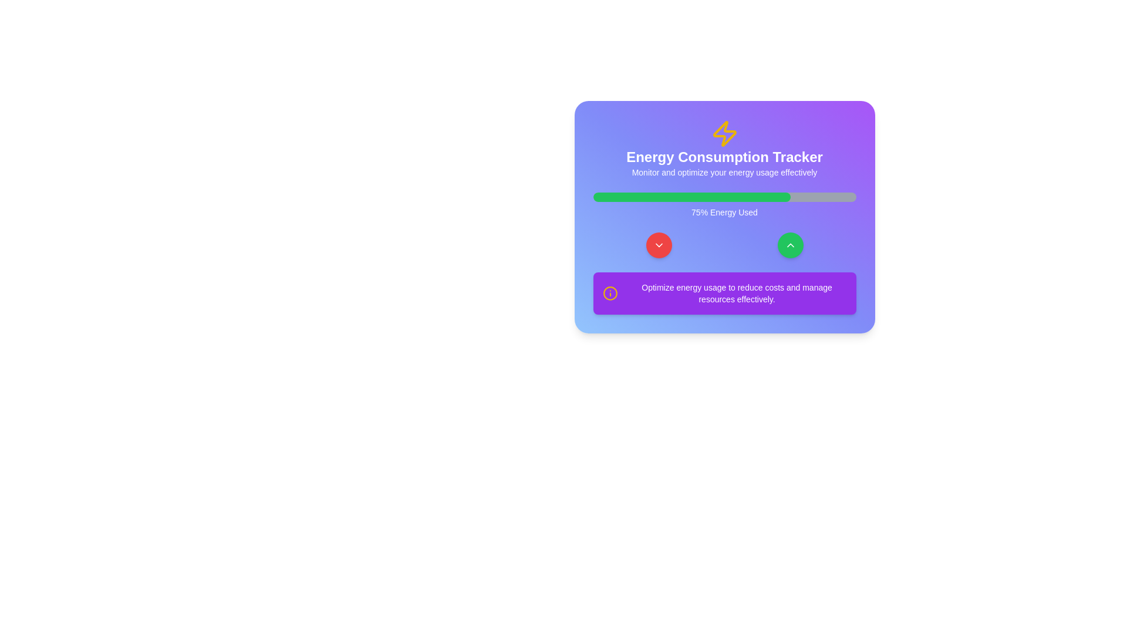 This screenshot has height=634, width=1127. What do you see at coordinates (724, 133) in the screenshot?
I see `the lightning bolt icon that visually represents energy or electricity, located at the top center of the card layout for the 'Energy Consumption Tracker'` at bounding box center [724, 133].